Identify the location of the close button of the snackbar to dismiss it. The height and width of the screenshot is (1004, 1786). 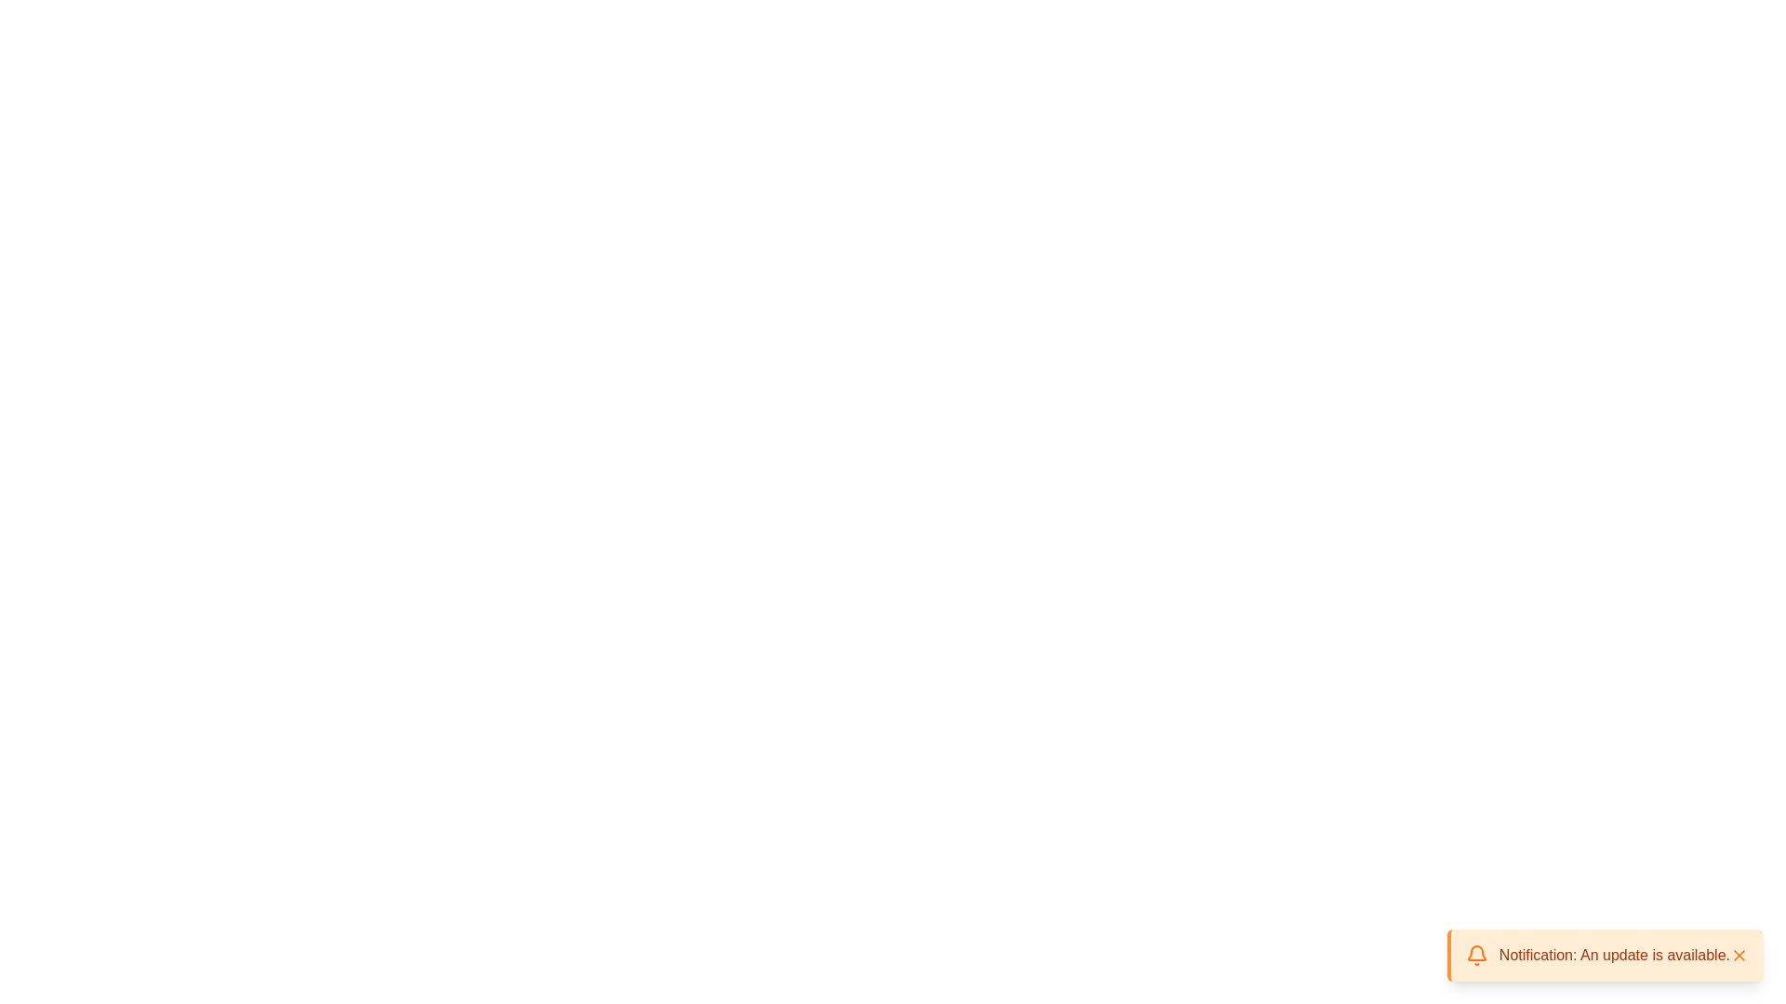
(1739, 956).